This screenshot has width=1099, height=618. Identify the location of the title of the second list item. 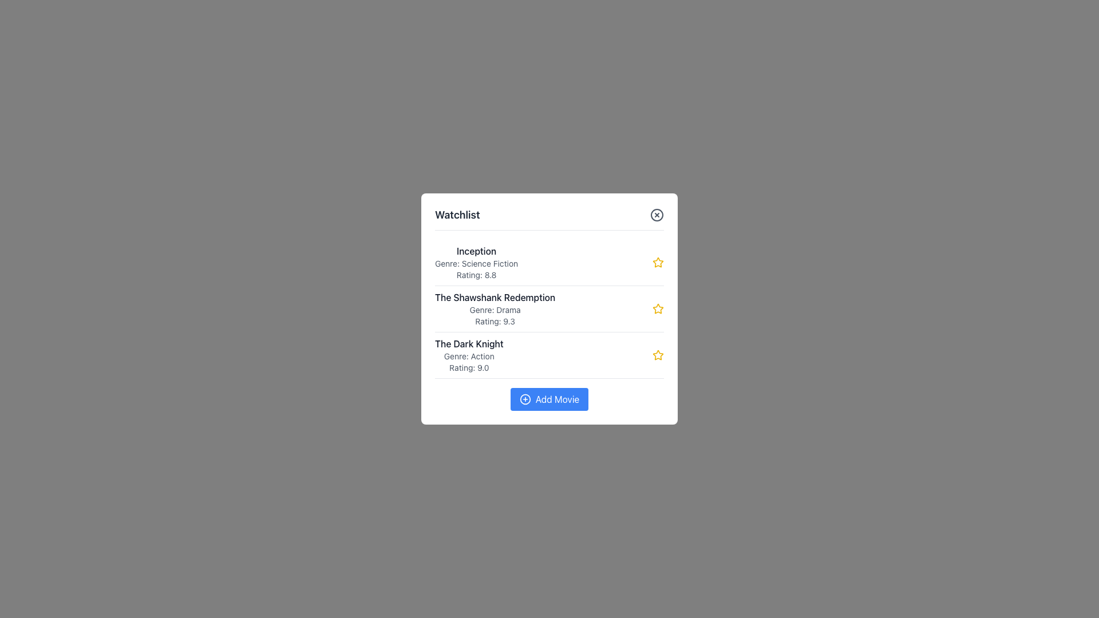
(549, 309).